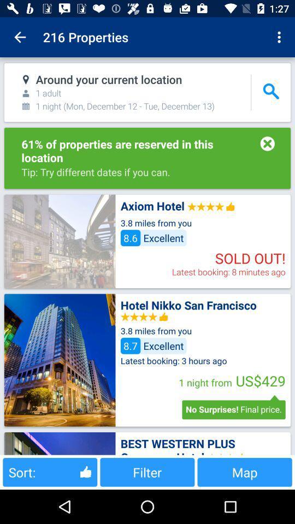  I want to click on item to the left of 216 properties item, so click(20, 37).